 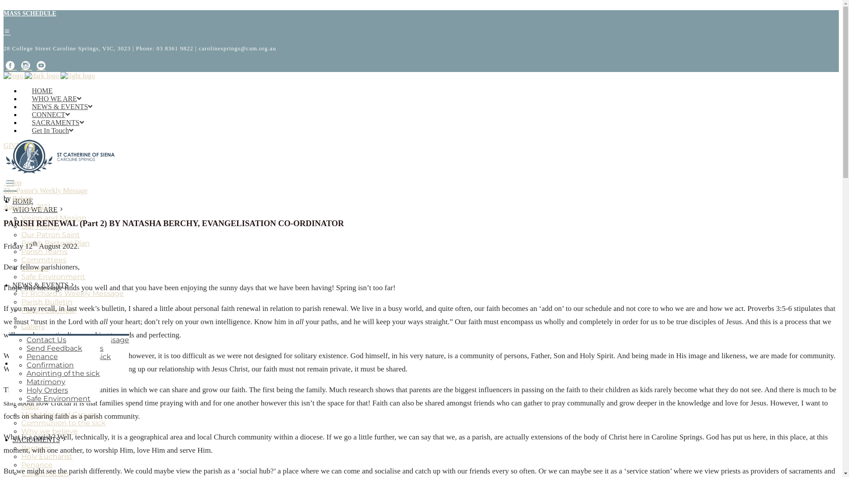 I want to click on 'Parish Calendar', so click(x=48, y=310).